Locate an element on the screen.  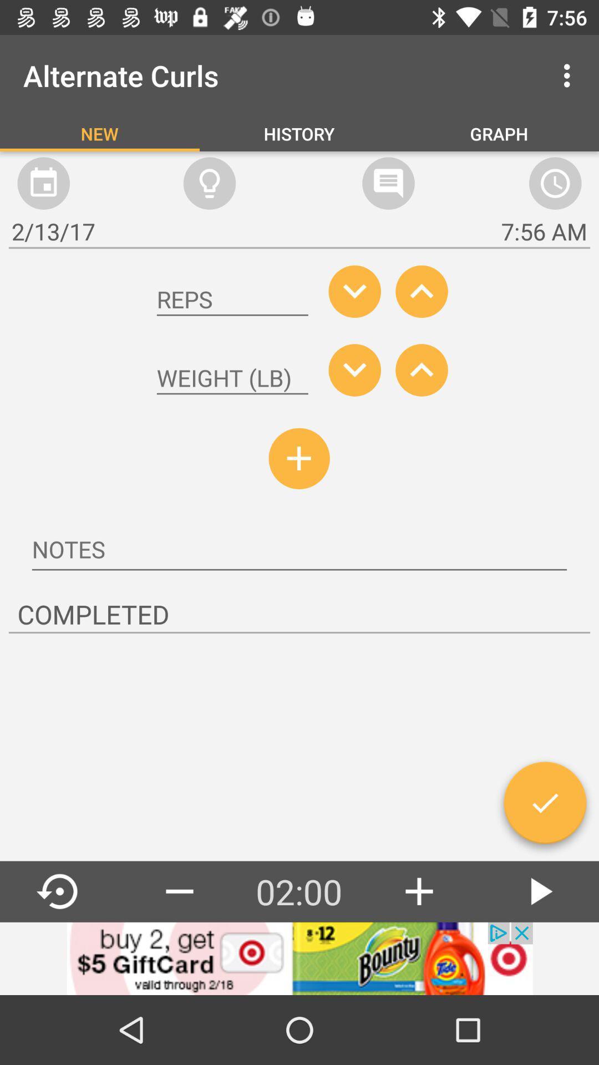
reps box is located at coordinates (232, 300).